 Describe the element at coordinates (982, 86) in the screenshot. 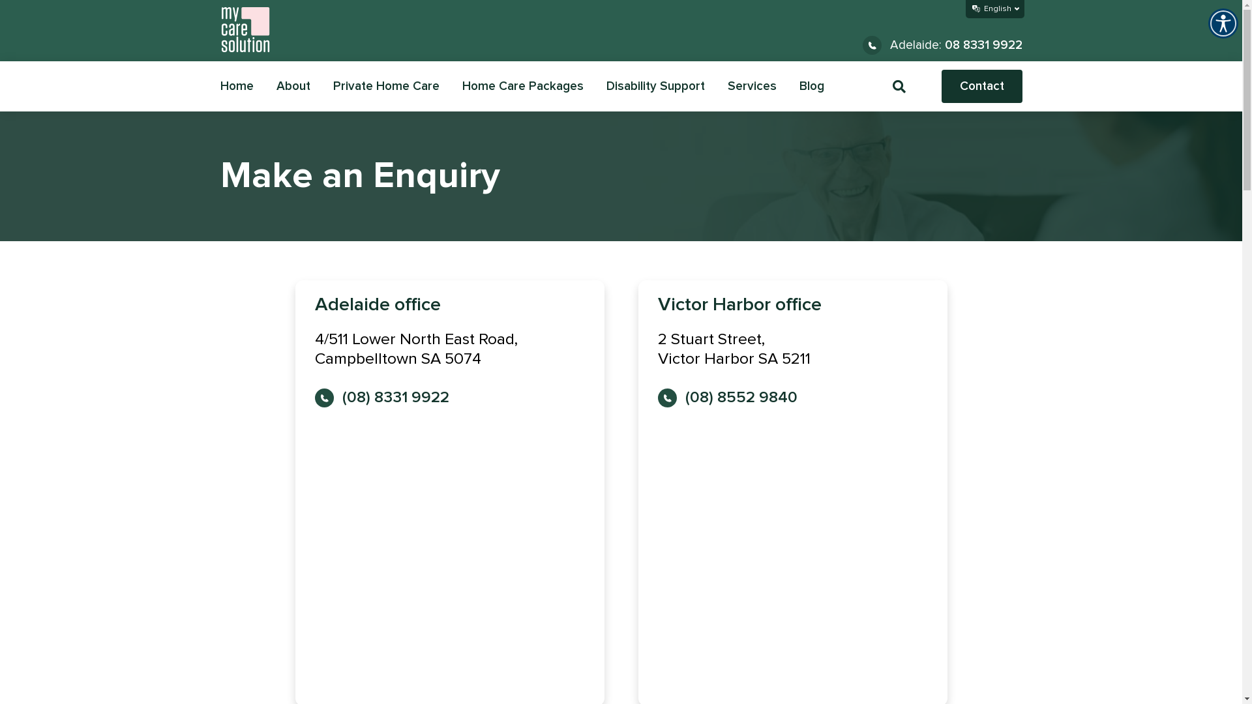

I see `'Contact'` at that location.